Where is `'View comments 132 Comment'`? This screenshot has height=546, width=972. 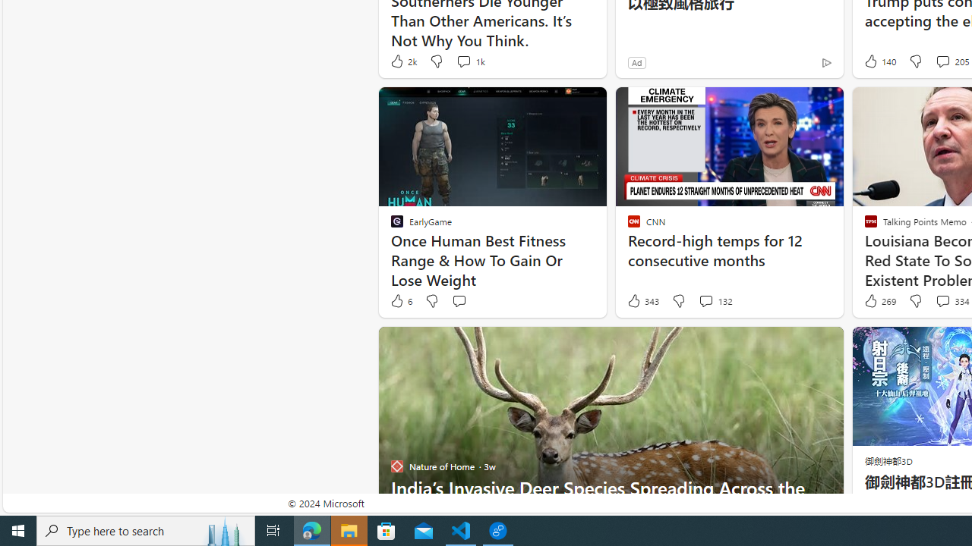
'View comments 132 Comment' is located at coordinates (705, 301).